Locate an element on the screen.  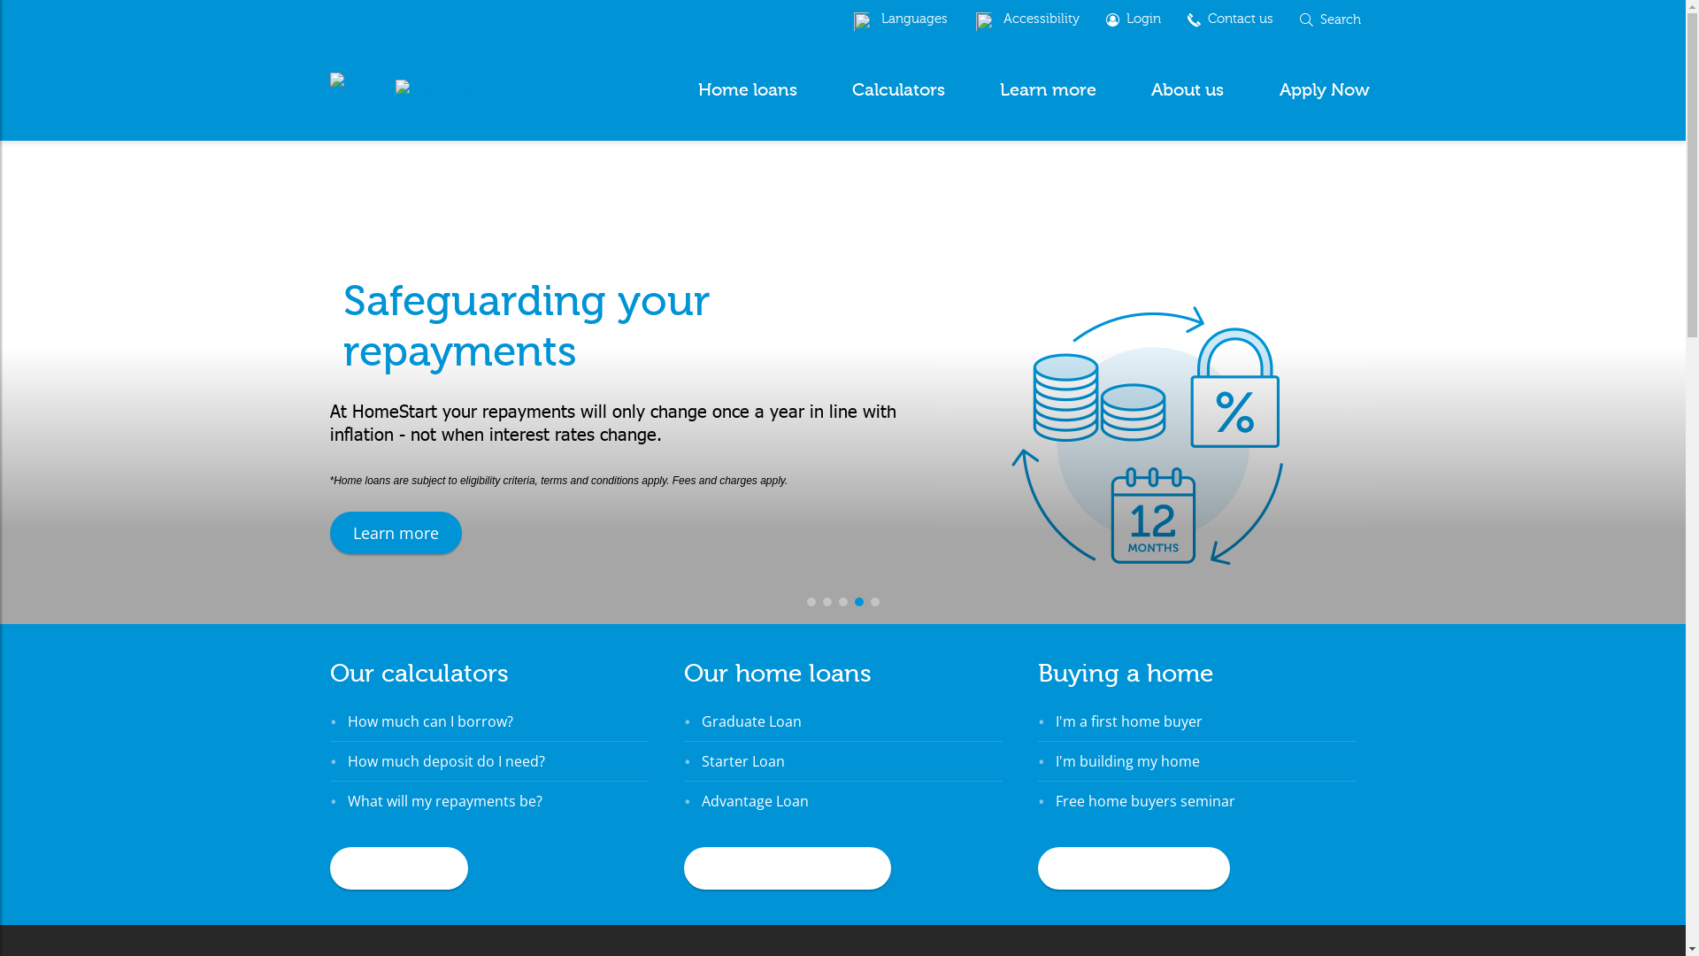
'Starter Loan' is located at coordinates (742, 760).